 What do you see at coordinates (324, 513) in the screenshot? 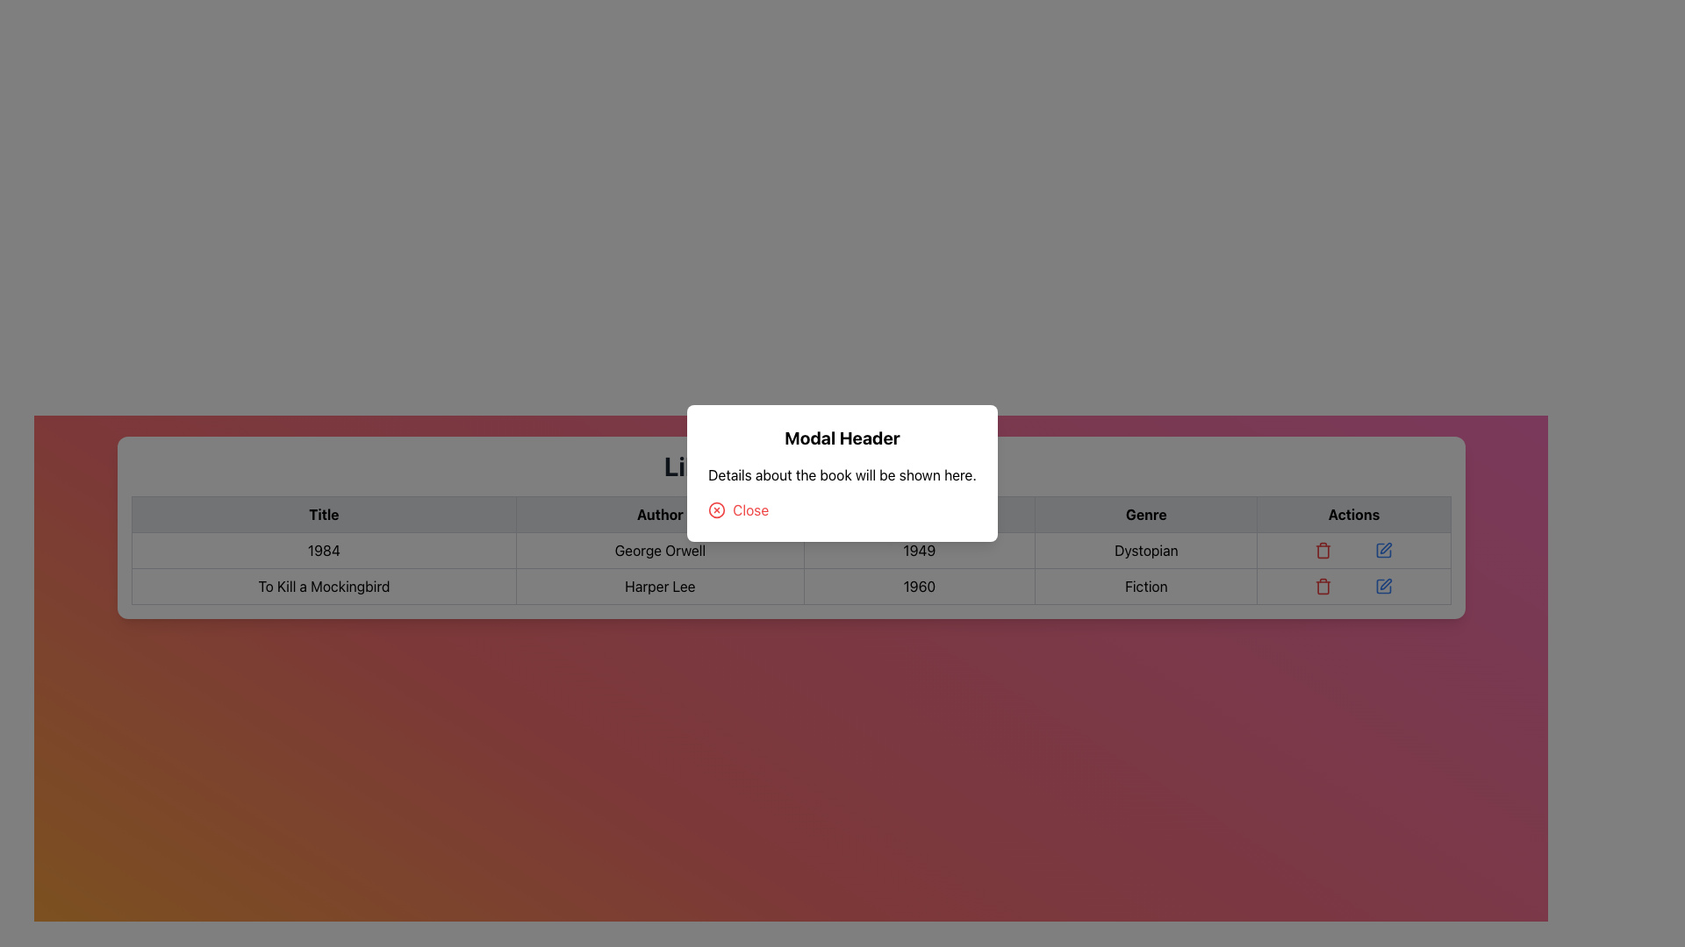
I see `the 'Title' text label` at bounding box center [324, 513].